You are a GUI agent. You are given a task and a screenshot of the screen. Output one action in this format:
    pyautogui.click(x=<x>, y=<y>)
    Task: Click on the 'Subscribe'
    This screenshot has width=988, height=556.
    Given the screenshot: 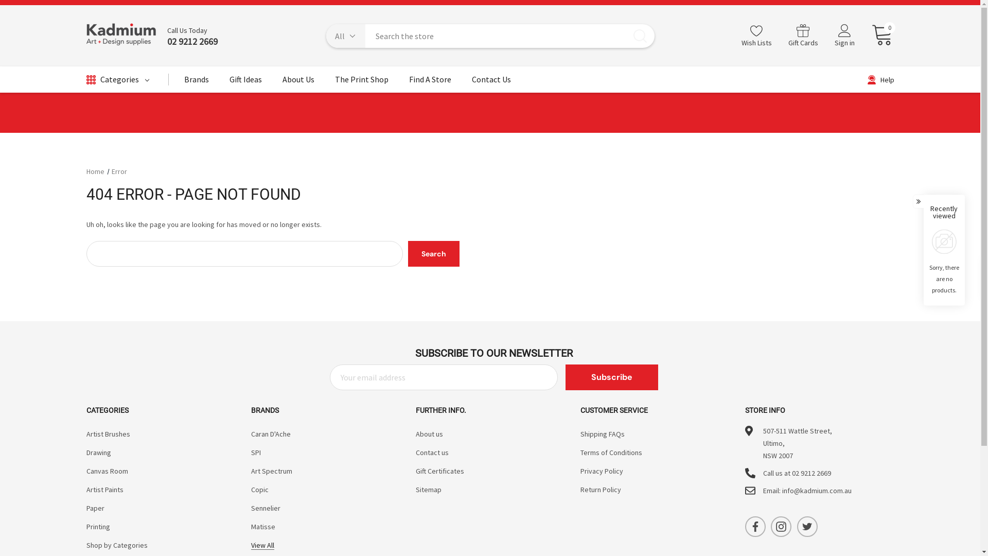 What is the action you would take?
    pyautogui.click(x=565, y=377)
    